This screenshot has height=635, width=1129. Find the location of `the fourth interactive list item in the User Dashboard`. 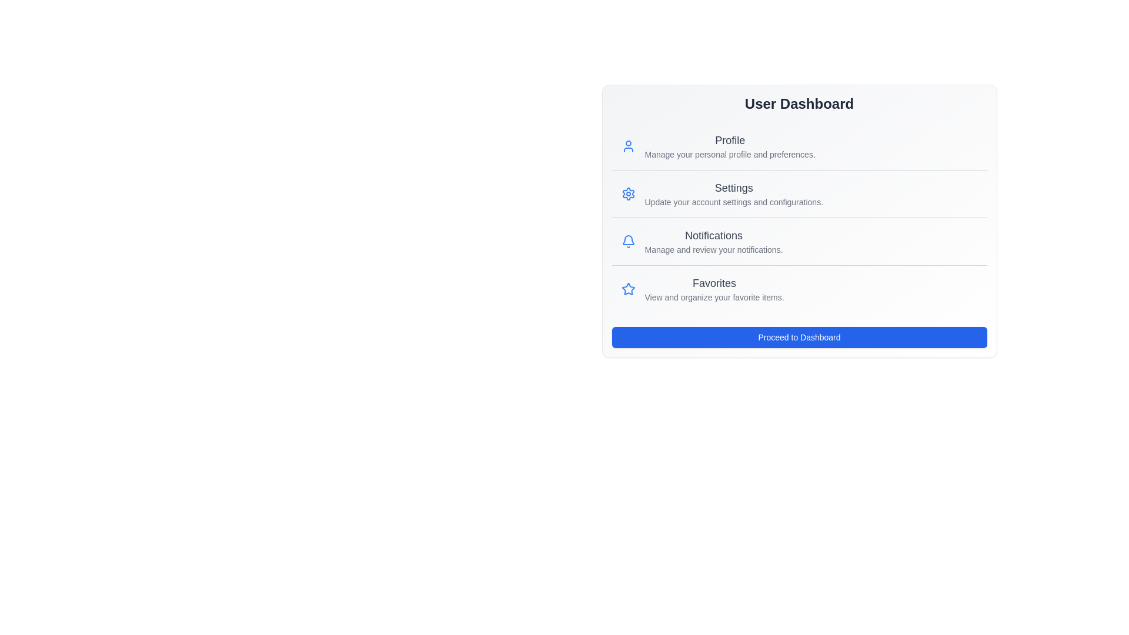

the fourth interactive list item in the User Dashboard is located at coordinates (799, 289).